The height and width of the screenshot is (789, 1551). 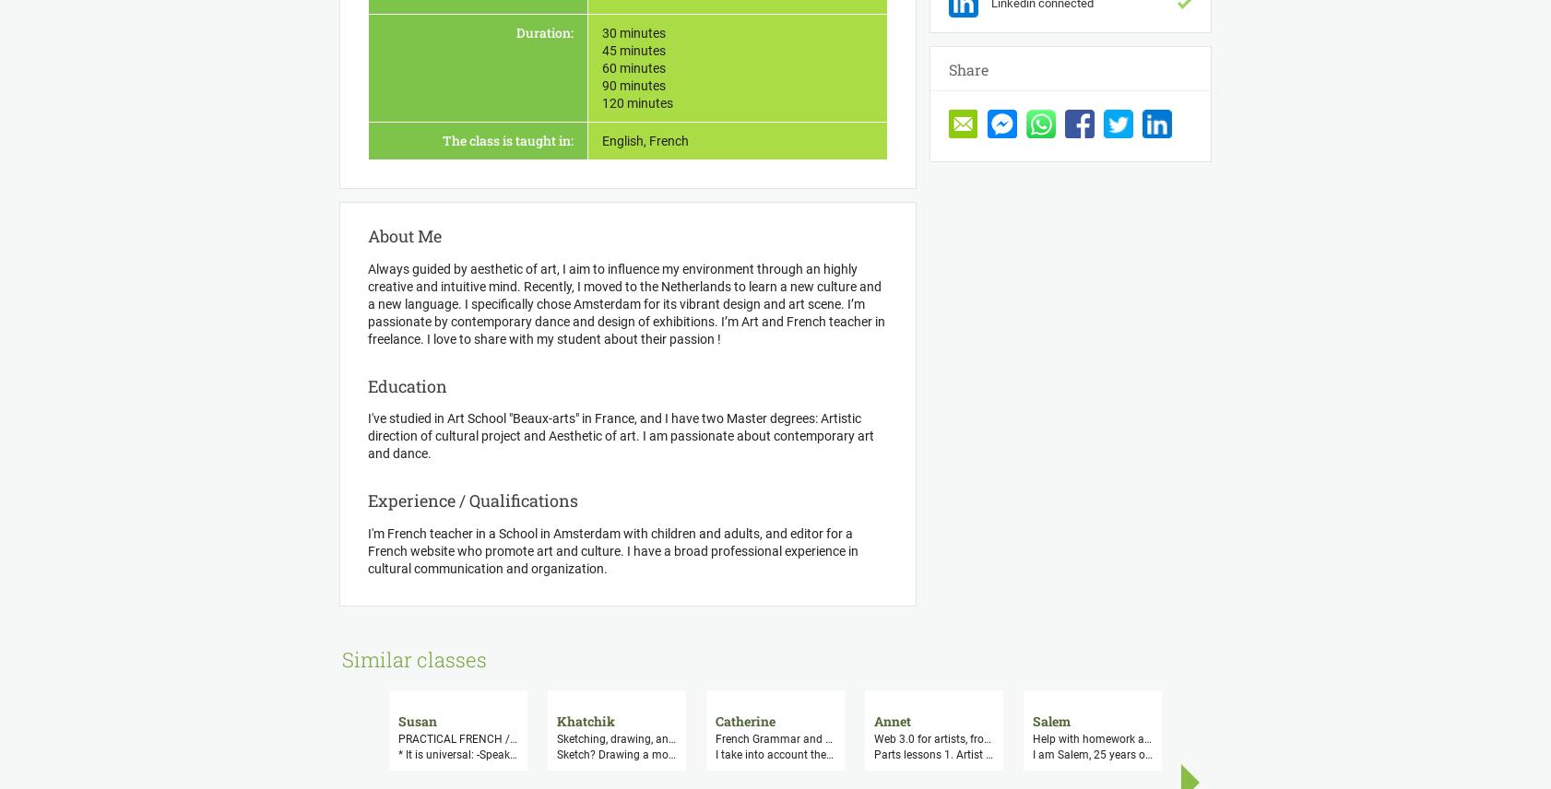 What do you see at coordinates (536, 738) in the screenshot?
I see `'PRACTICAL FRENCH / Nous allons pratiquer le français'` at bounding box center [536, 738].